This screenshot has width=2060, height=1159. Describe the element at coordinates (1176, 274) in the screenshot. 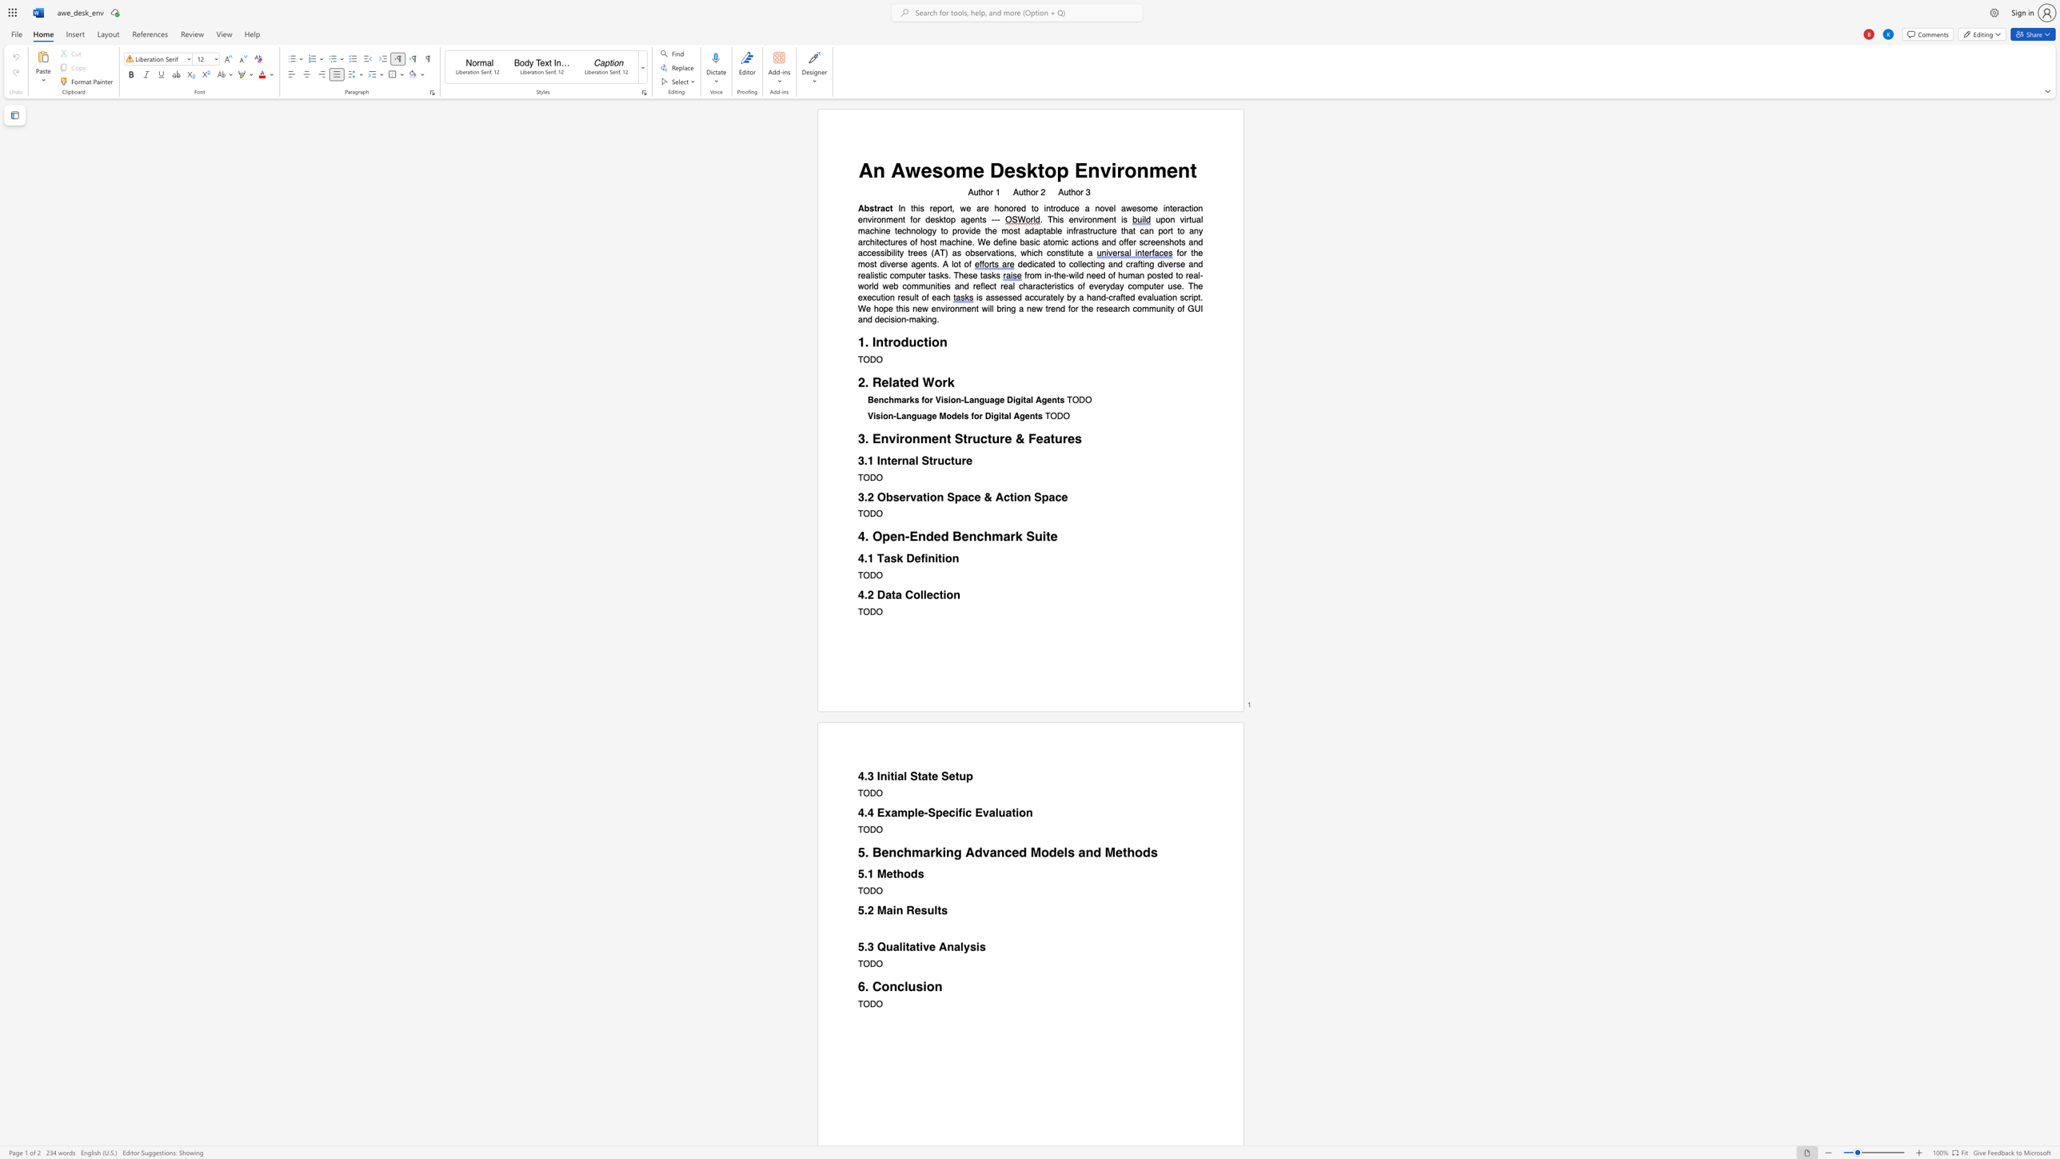

I see `the 3th character "t" in the text` at that location.